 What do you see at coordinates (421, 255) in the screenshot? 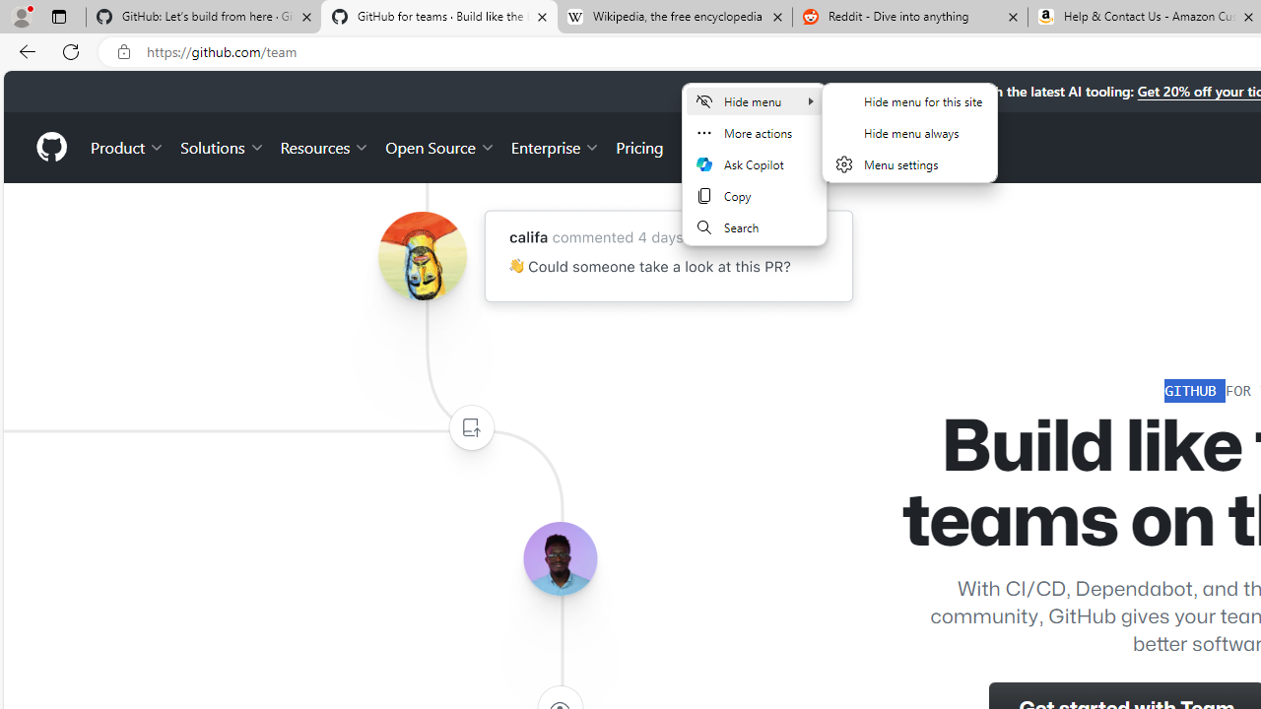
I see `'Avatar of the user califa'` at bounding box center [421, 255].